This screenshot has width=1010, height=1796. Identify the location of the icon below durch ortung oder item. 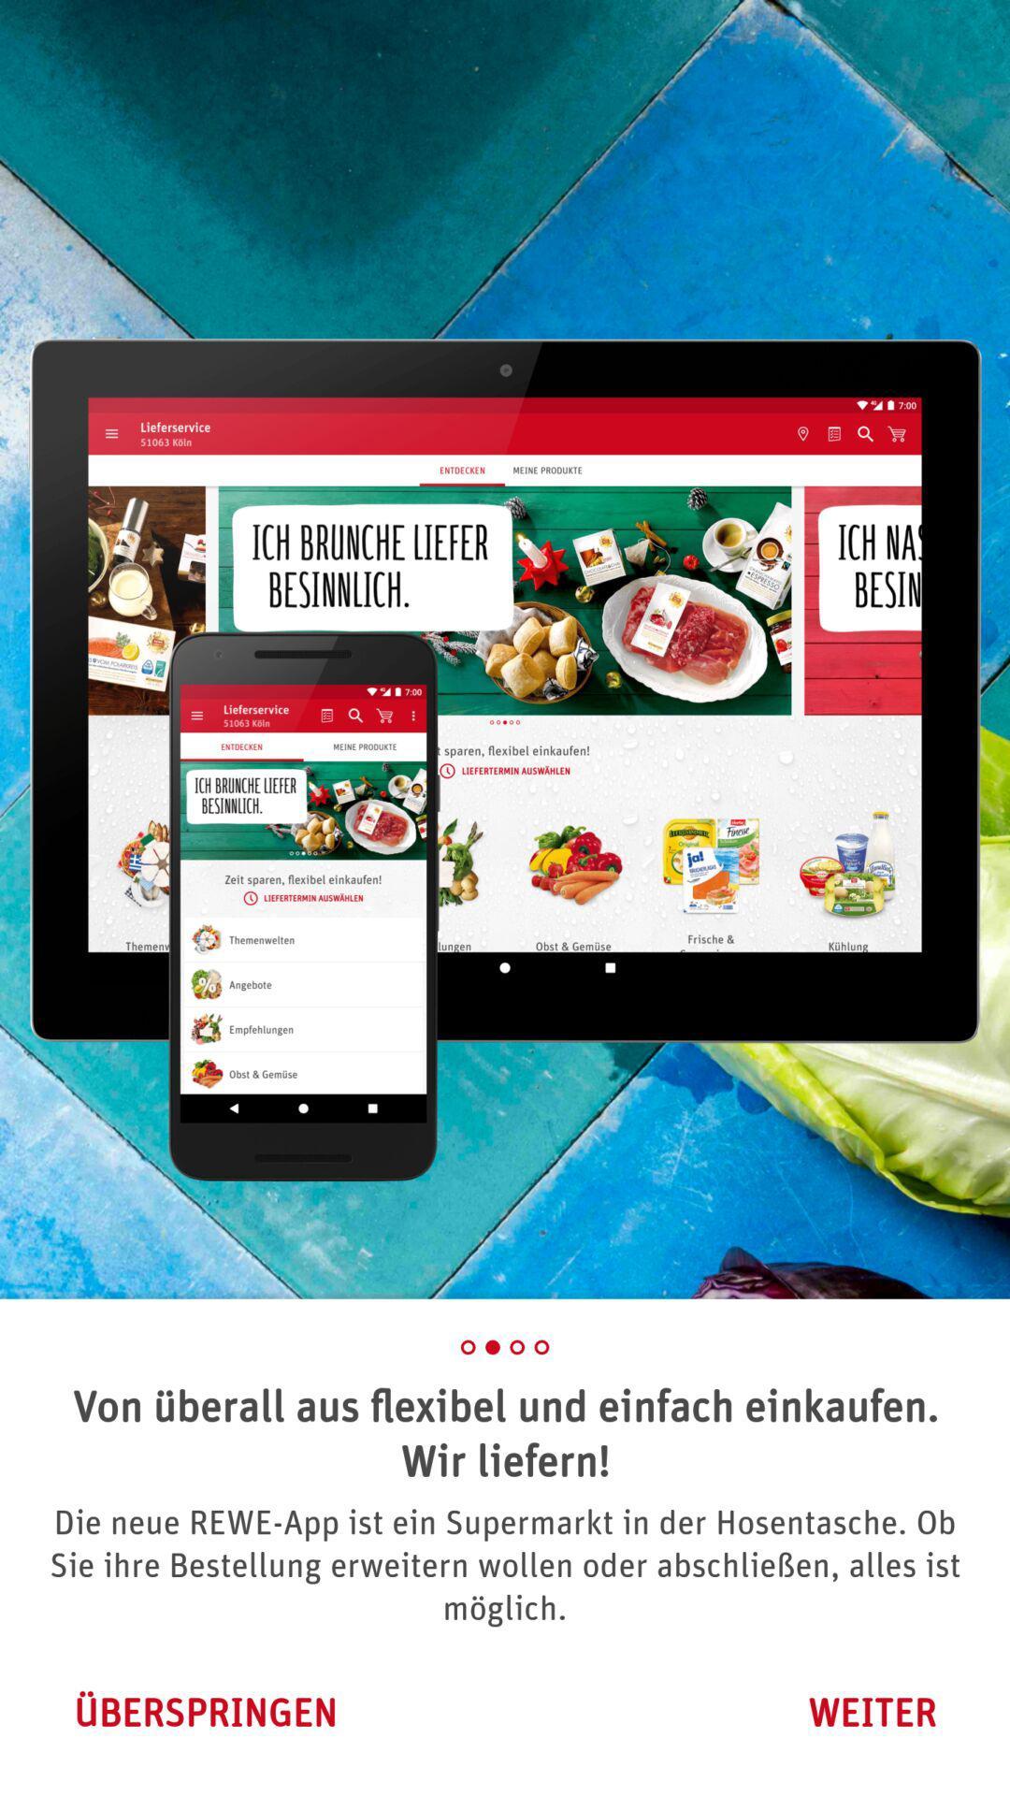
(872, 1712).